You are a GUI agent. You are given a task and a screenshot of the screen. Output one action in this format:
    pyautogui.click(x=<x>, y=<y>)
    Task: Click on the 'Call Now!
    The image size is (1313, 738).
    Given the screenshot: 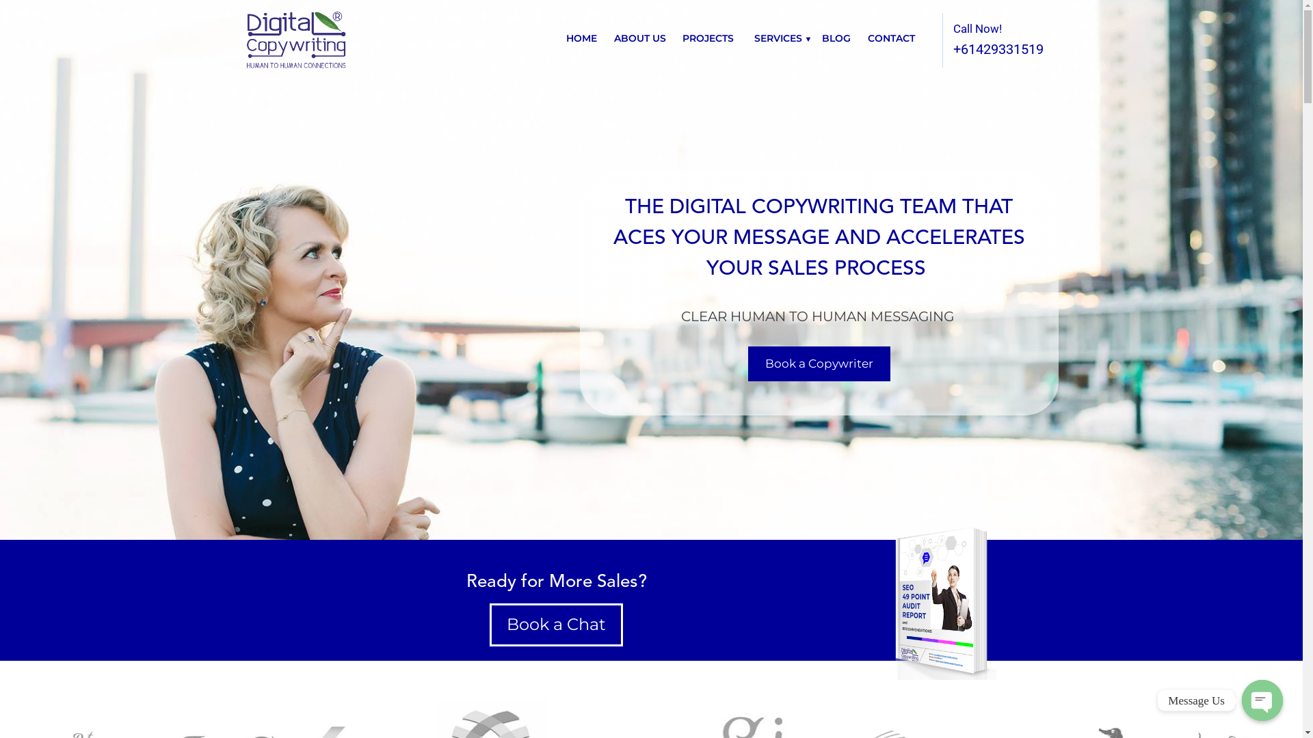 What is the action you would take?
    pyautogui.click(x=922, y=39)
    